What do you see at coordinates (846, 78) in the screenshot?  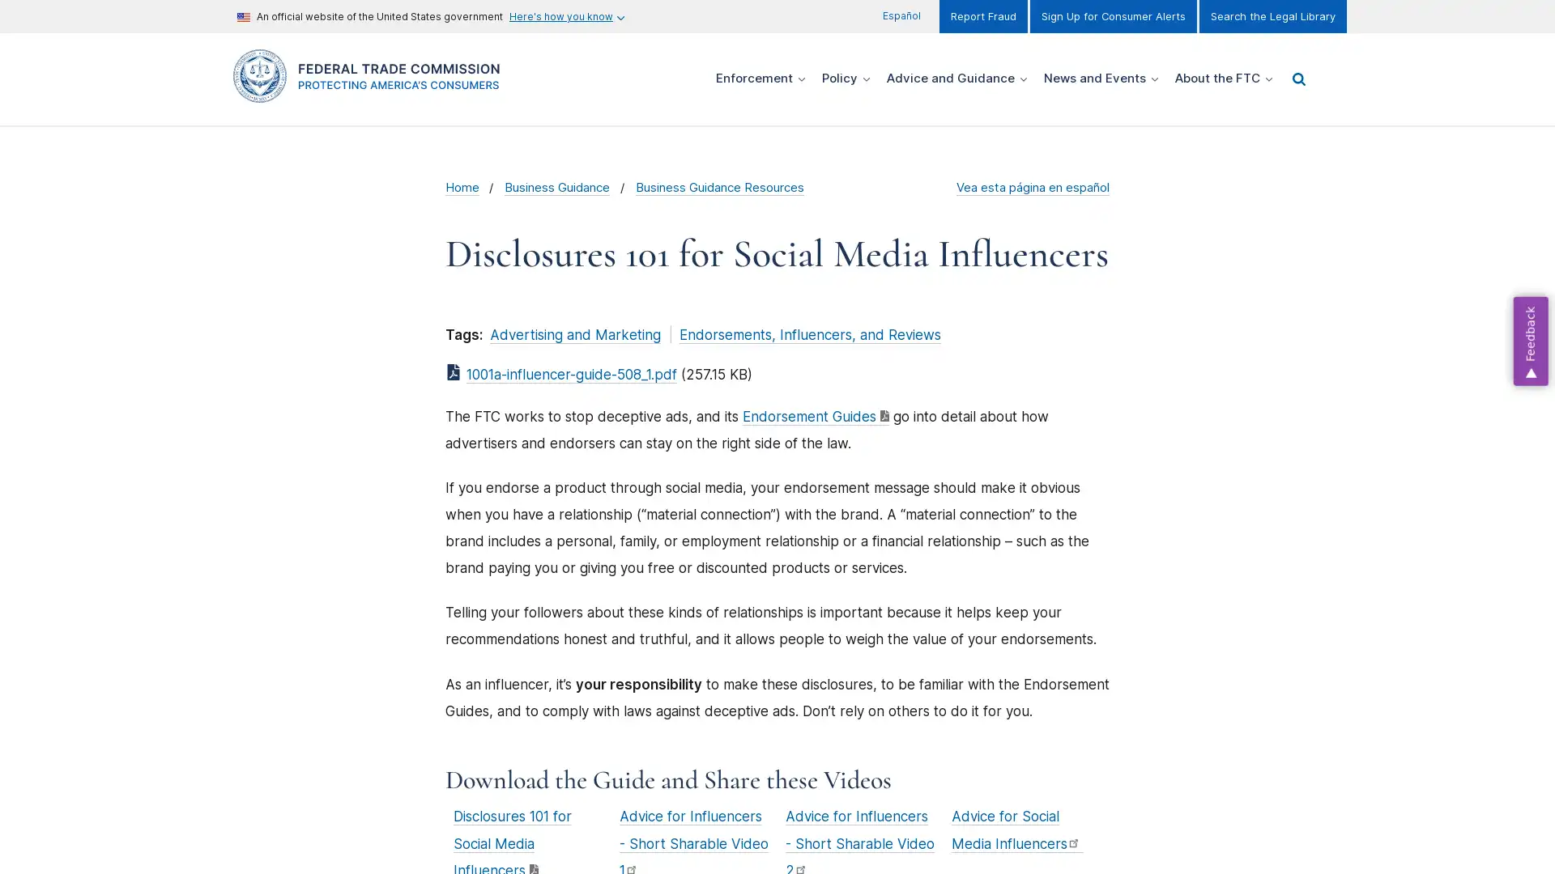 I see `Show/hide Policy menu items` at bounding box center [846, 78].